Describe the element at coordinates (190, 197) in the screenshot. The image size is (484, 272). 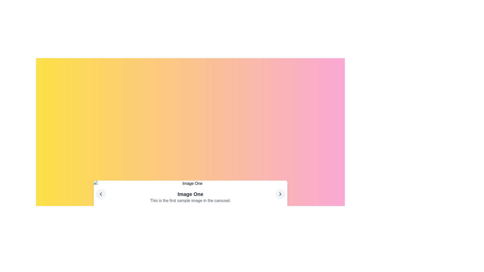
I see `the descriptive caption for the carousel image, which is centrally positioned below the image placeholder and between arrow navigation controls` at that location.